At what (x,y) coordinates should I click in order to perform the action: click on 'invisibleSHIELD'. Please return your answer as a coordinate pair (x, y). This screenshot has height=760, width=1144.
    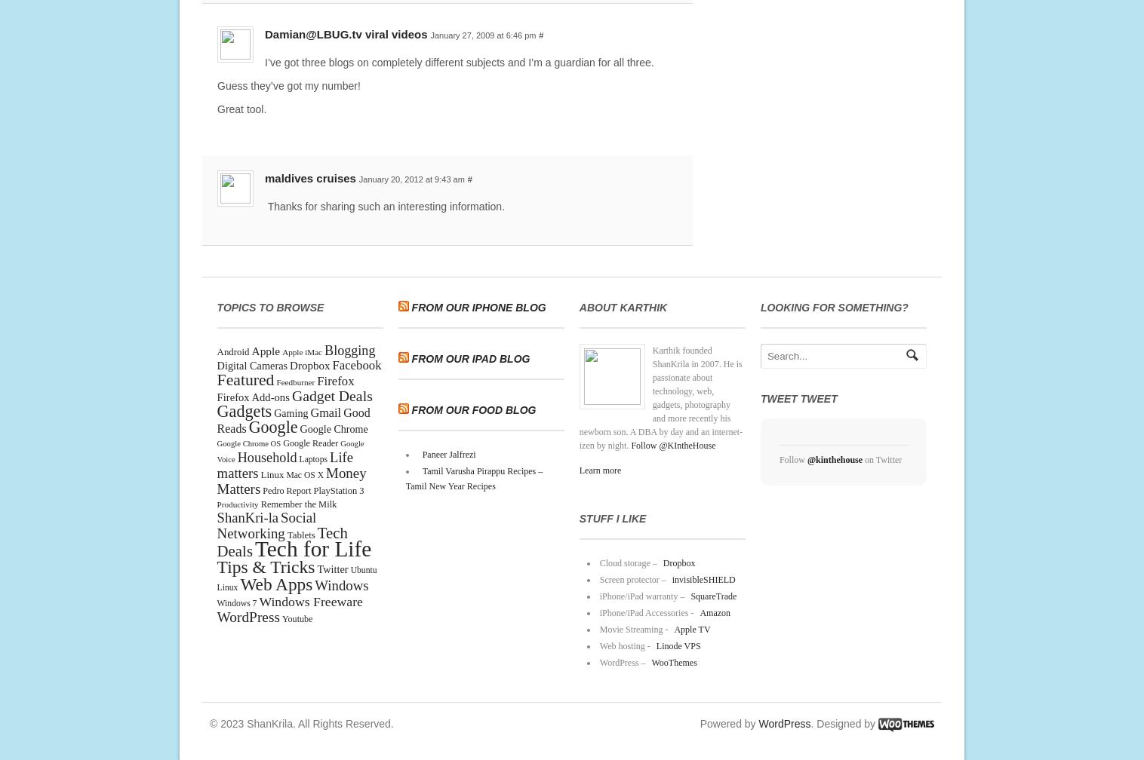
    Looking at the image, I should click on (703, 578).